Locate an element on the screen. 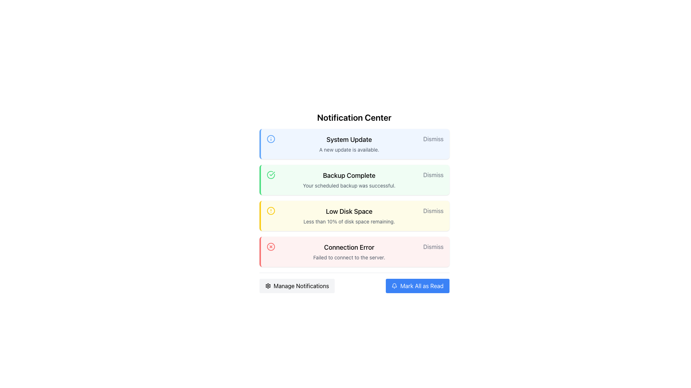 The image size is (691, 388). the backup completion icon located to the left of the 'Backup Complete' text in the green notification card is located at coordinates (270, 175).